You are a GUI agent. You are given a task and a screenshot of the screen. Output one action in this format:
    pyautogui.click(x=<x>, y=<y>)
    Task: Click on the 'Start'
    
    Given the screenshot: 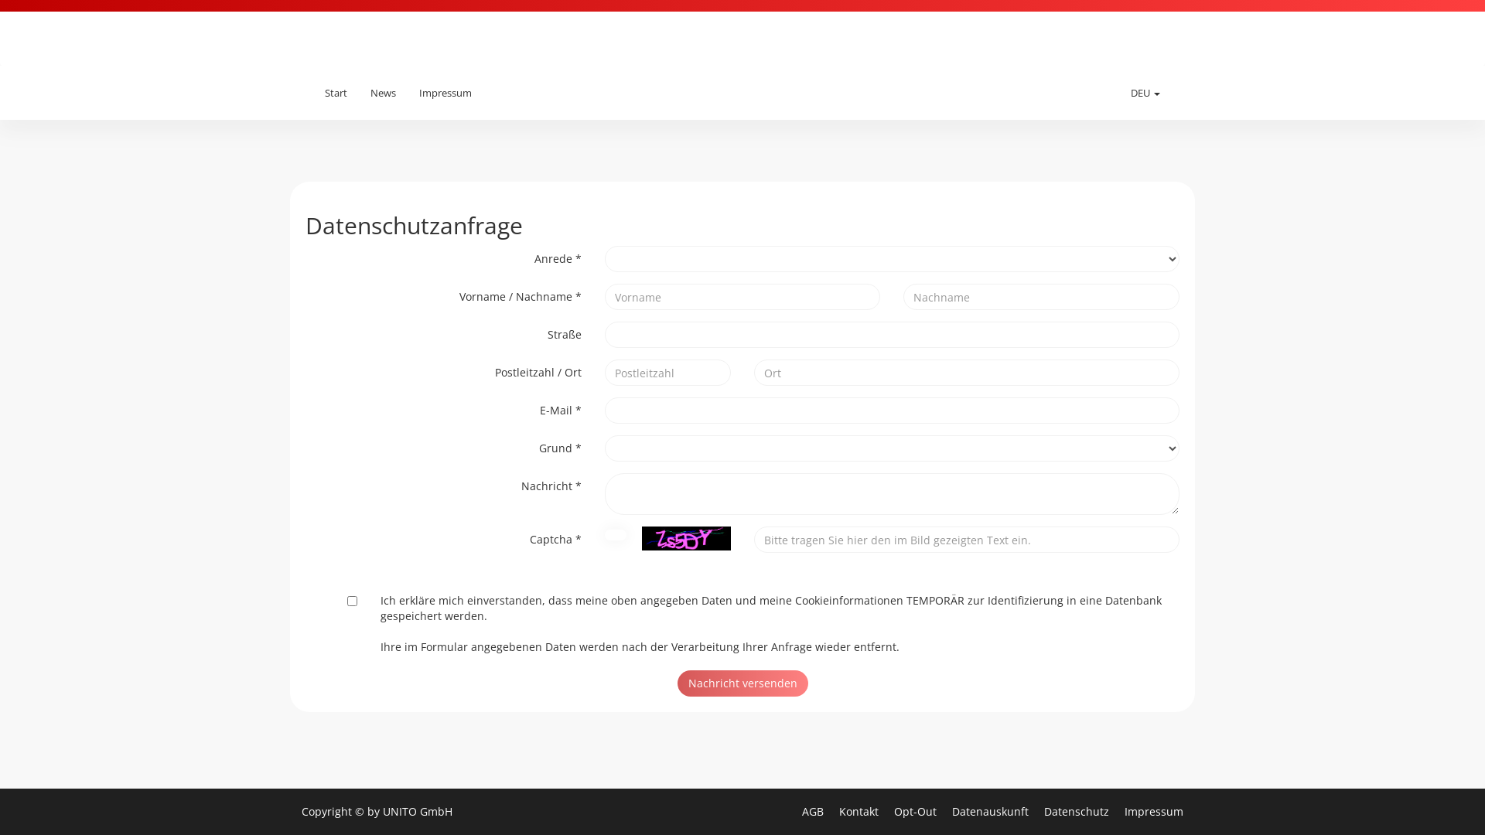 What is the action you would take?
    pyautogui.click(x=335, y=92)
    